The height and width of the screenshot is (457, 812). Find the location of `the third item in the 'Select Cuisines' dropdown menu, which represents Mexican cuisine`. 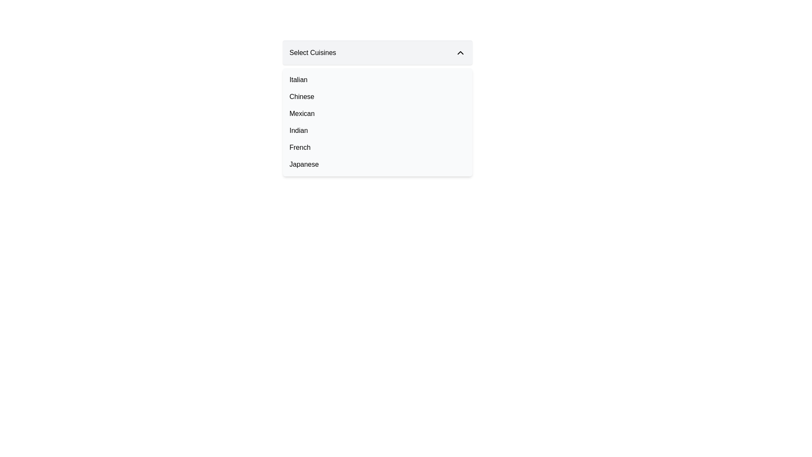

the third item in the 'Select Cuisines' dropdown menu, which represents Mexican cuisine is located at coordinates (302, 113).